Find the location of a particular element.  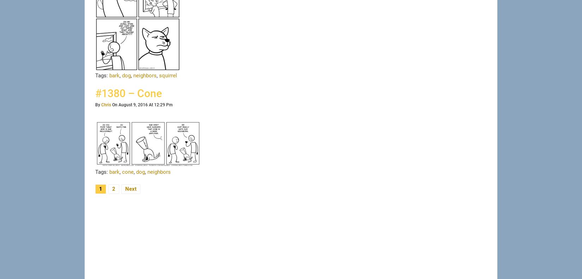

'squirrel' is located at coordinates (168, 75).